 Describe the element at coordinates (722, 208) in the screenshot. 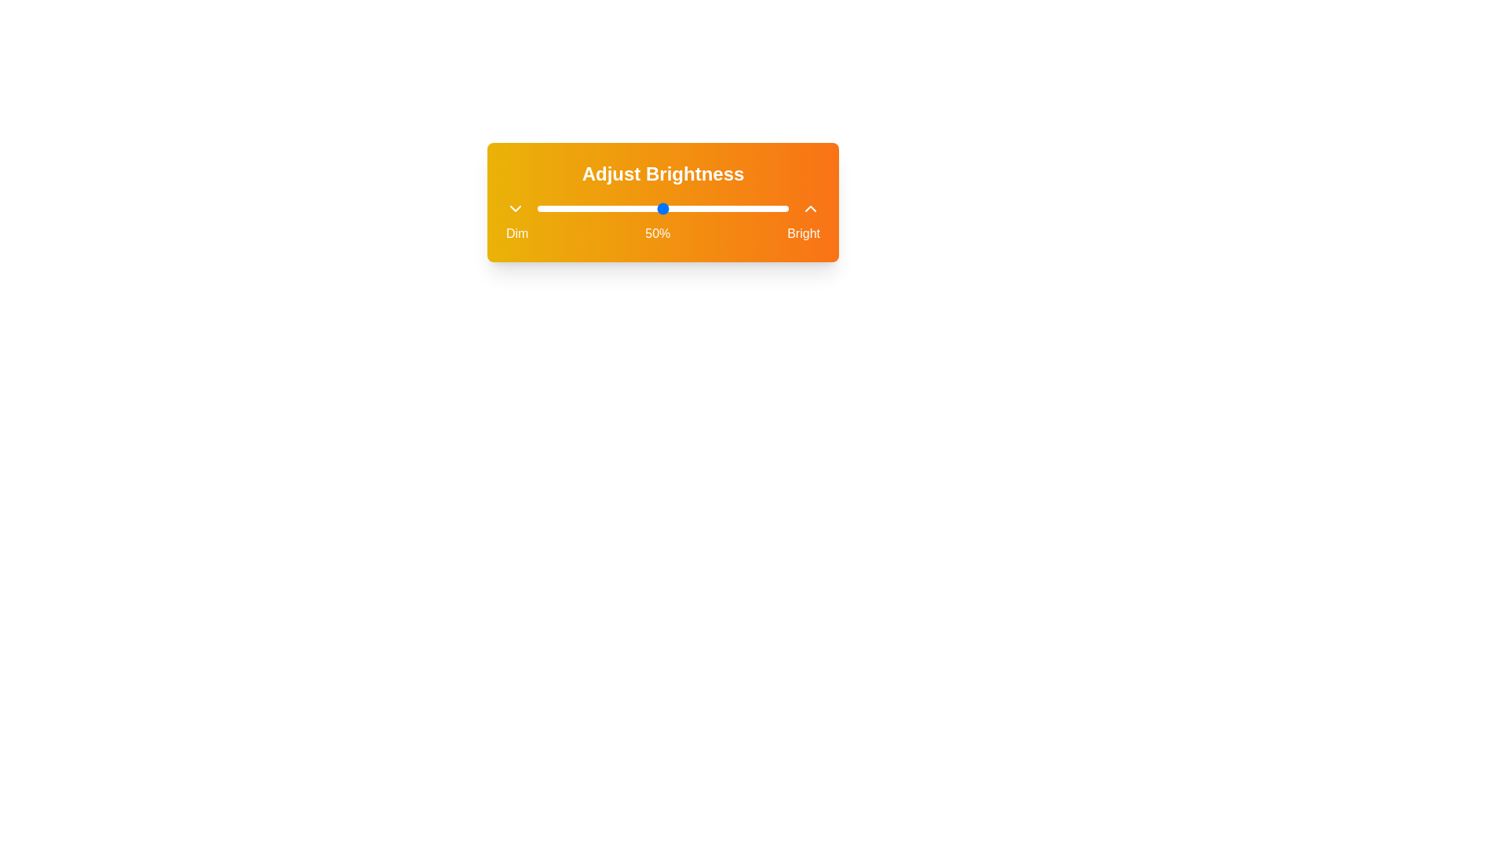

I see `brightness` at that location.